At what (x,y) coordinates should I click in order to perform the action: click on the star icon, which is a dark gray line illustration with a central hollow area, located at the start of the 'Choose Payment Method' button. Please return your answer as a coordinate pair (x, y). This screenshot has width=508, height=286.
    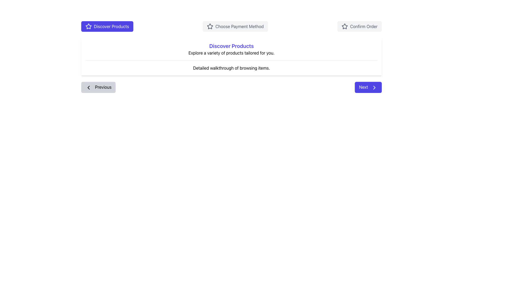
    Looking at the image, I should click on (210, 26).